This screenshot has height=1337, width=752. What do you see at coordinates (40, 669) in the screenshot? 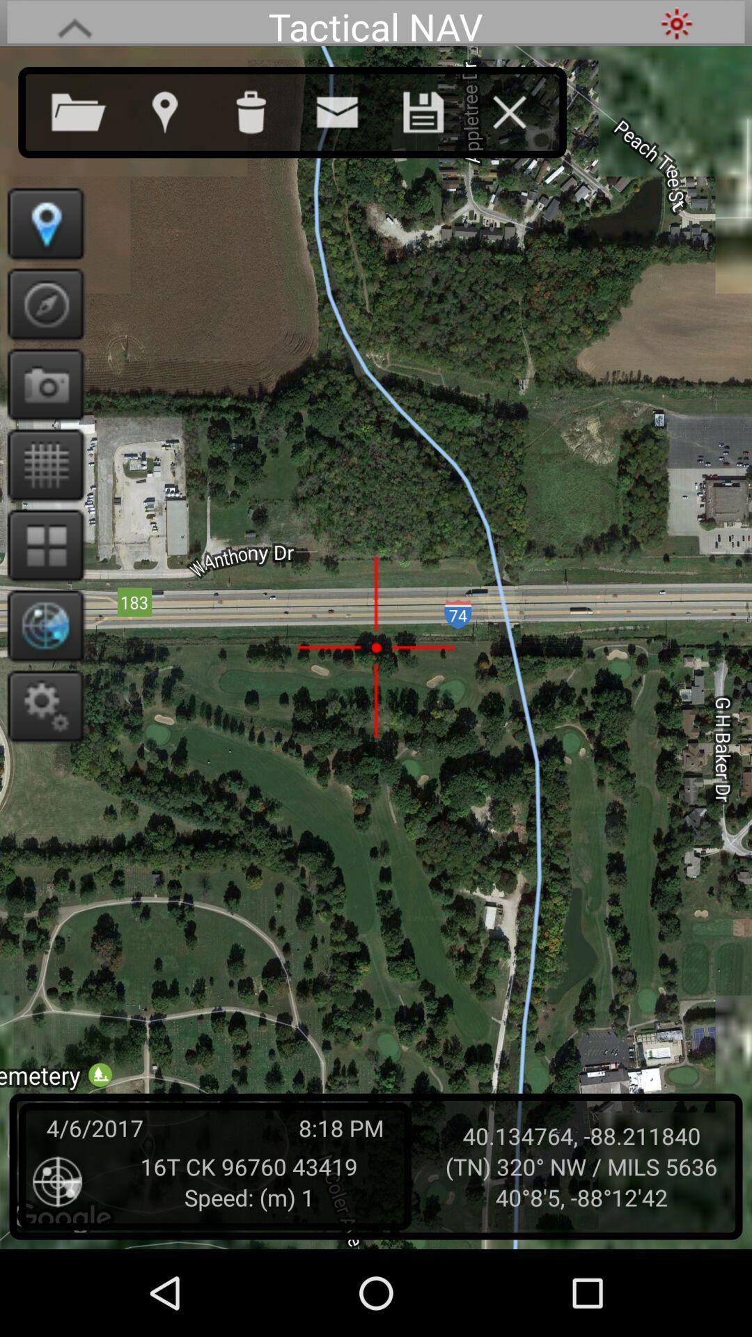
I see `the globe icon` at bounding box center [40, 669].